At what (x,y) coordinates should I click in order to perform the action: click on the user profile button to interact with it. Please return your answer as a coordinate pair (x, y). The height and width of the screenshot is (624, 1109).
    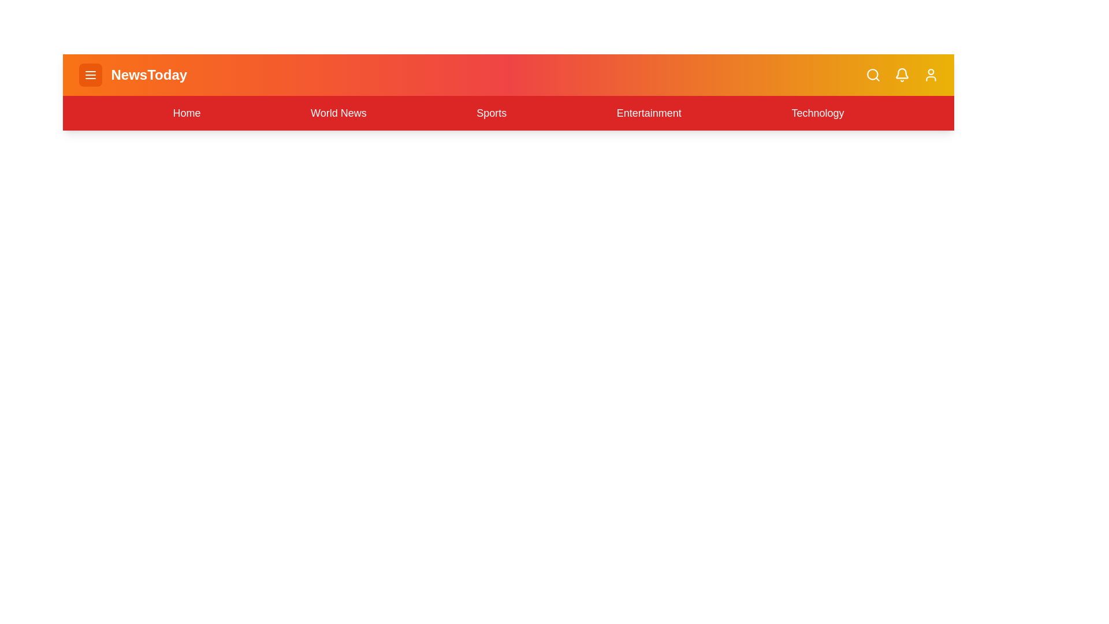
    Looking at the image, I should click on (931, 75).